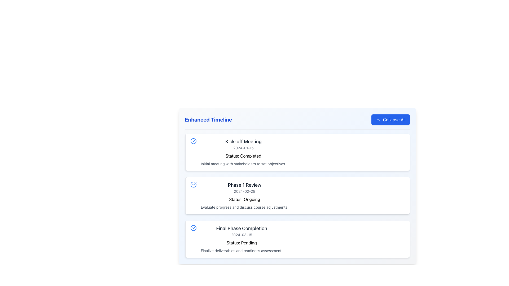 The height and width of the screenshot is (286, 509). Describe the element at coordinates (193, 141) in the screenshot. I see `the completion status icon located at the leftmost position within the 'Kick-off Meeting' card, above the textual content` at that location.